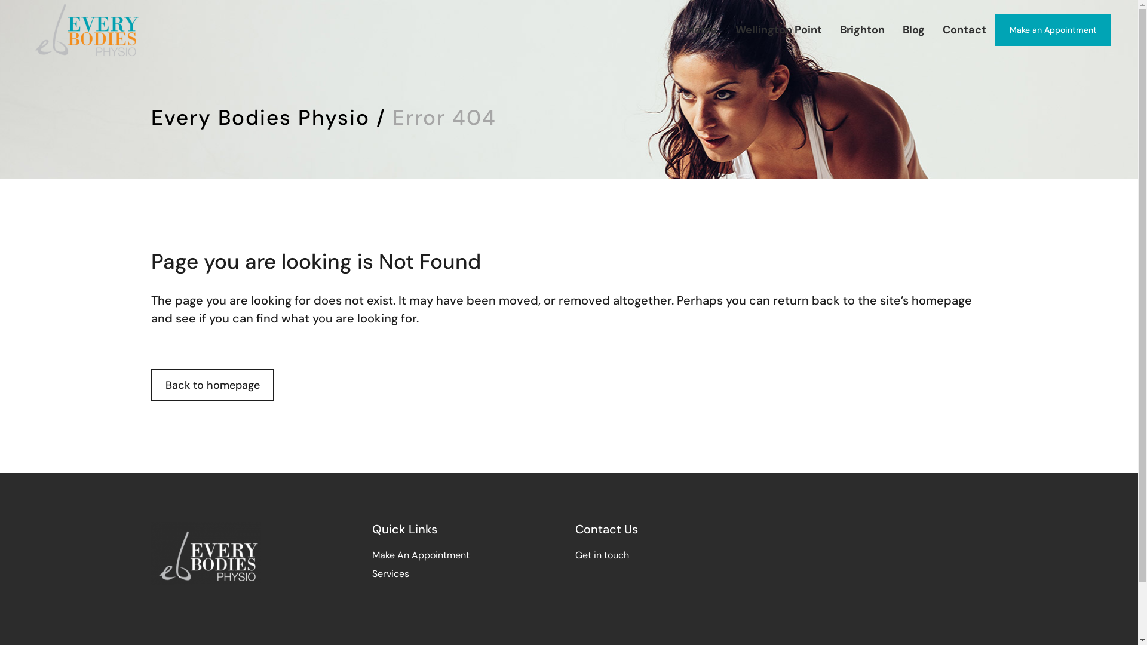 The image size is (1147, 645). What do you see at coordinates (602, 555) in the screenshot?
I see `'Get in touch'` at bounding box center [602, 555].